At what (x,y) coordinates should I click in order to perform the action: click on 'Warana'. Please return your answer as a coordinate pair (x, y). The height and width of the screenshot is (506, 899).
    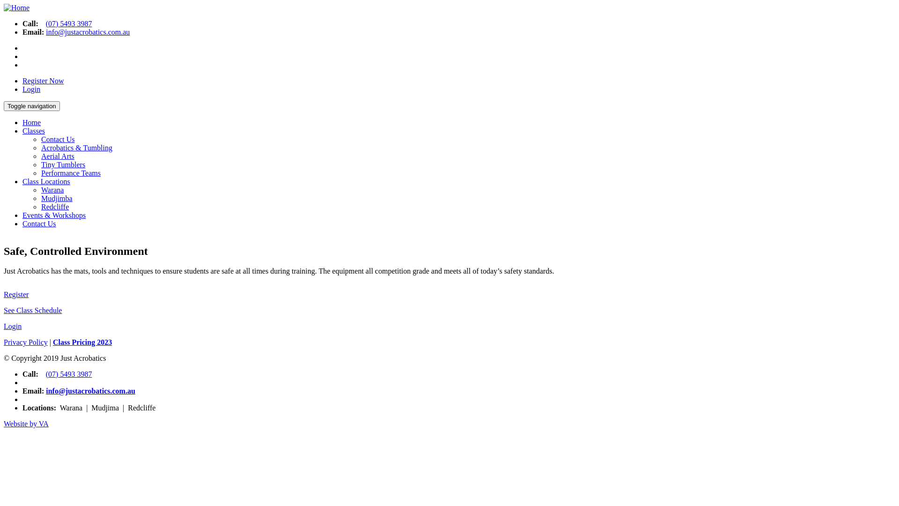
    Looking at the image, I should click on (52, 190).